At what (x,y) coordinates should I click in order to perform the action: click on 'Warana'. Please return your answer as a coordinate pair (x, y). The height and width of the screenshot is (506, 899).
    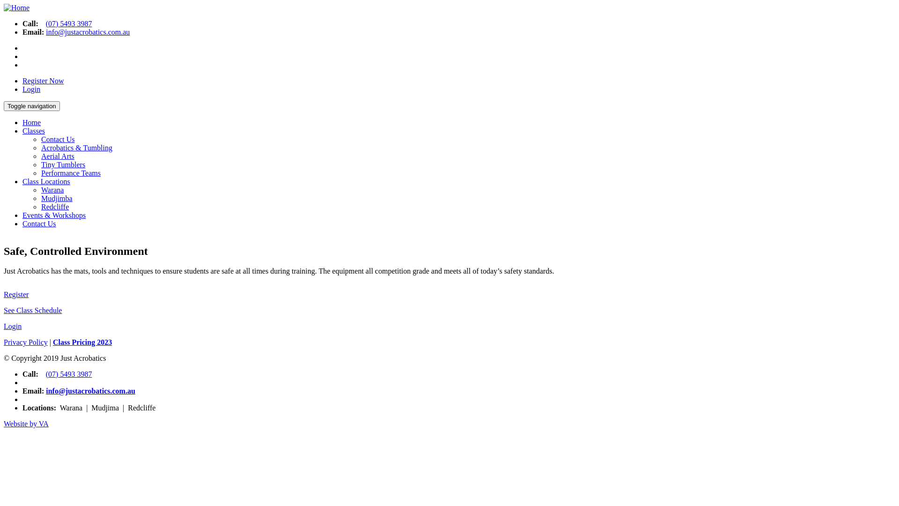
    Looking at the image, I should click on (52, 190).